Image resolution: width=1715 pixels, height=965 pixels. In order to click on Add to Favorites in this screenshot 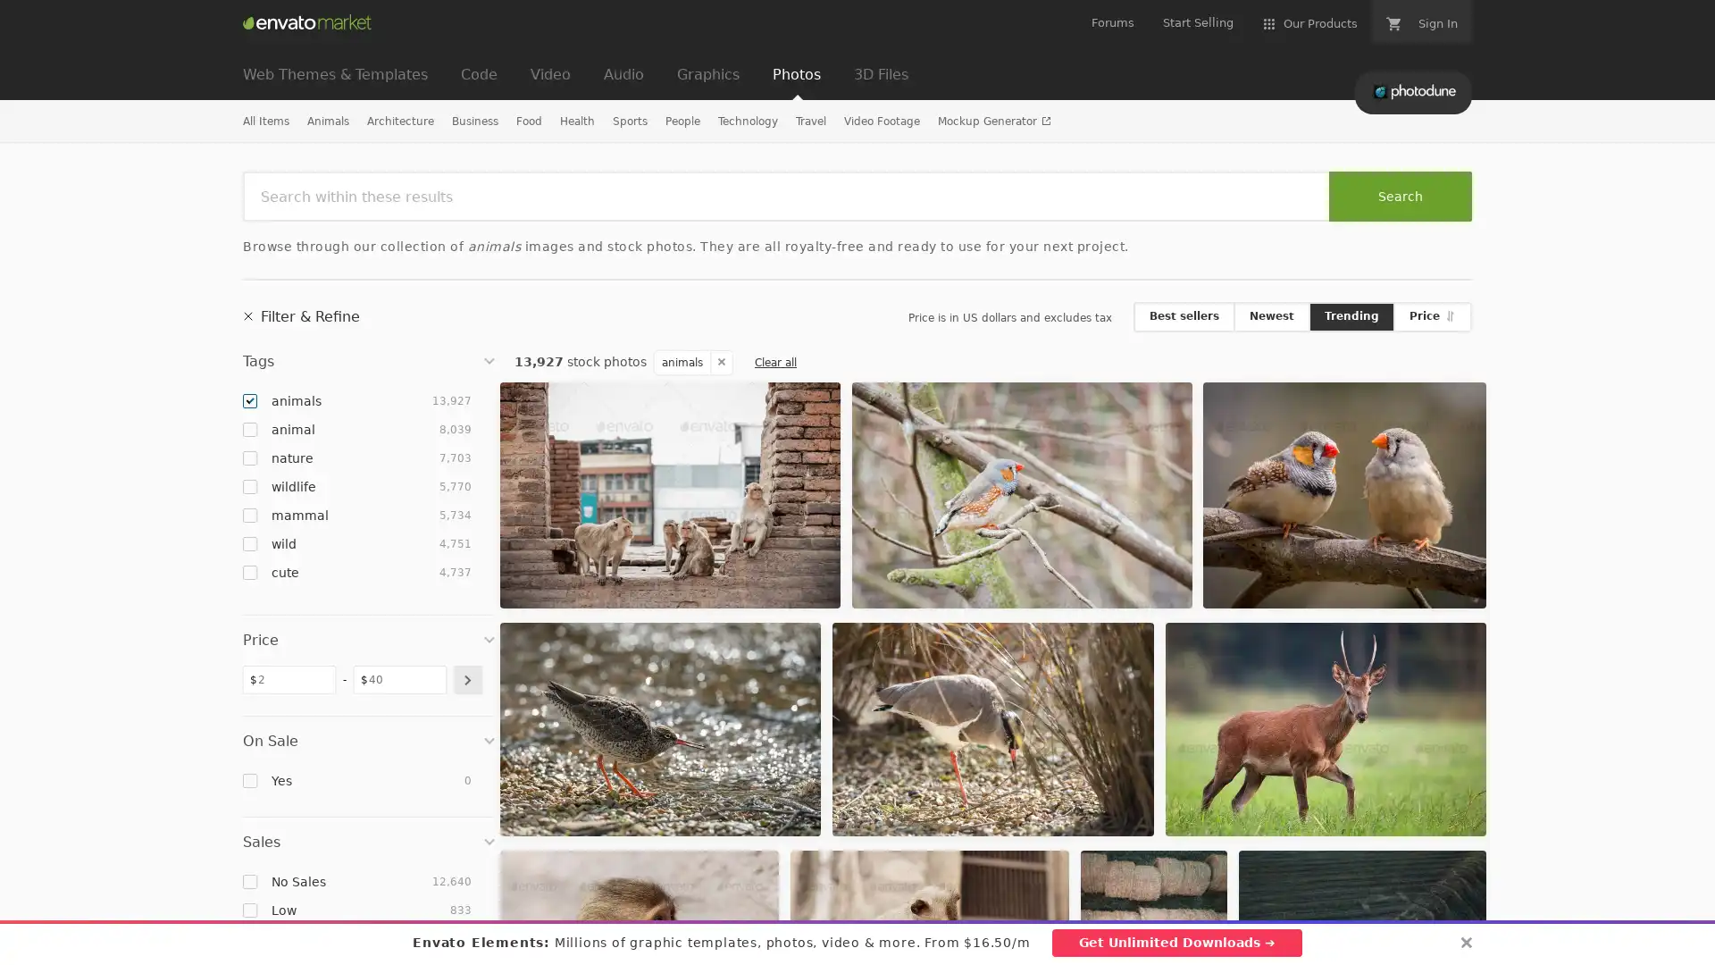, I will do `click(1129, 644)`.